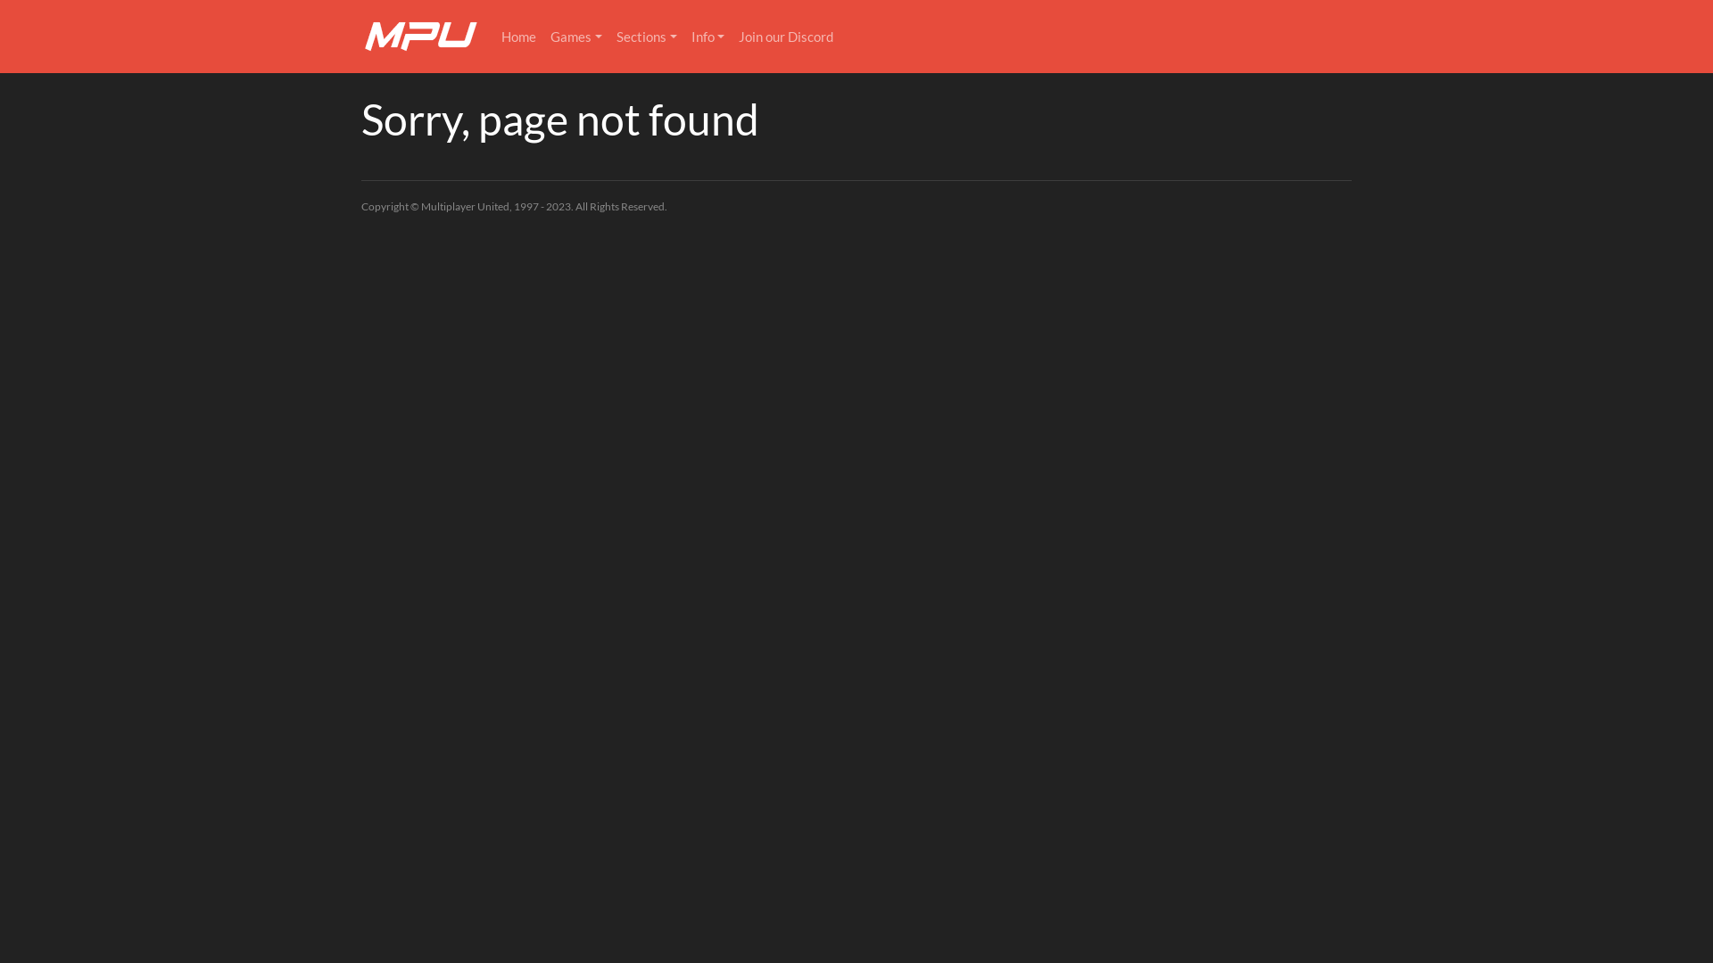  Describe the element at coordinates (576, 37) in the screenshot. I see `'Games'` at that location.